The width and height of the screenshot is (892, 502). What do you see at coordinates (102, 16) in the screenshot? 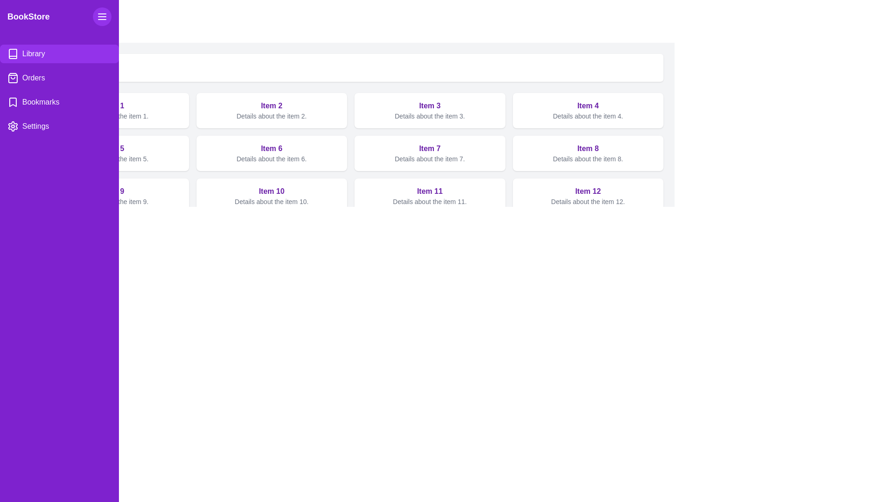
I see `the menu toggle button located at the top-right corner of the header section labeled 'BookStore'` at bounding box center [102, 16].